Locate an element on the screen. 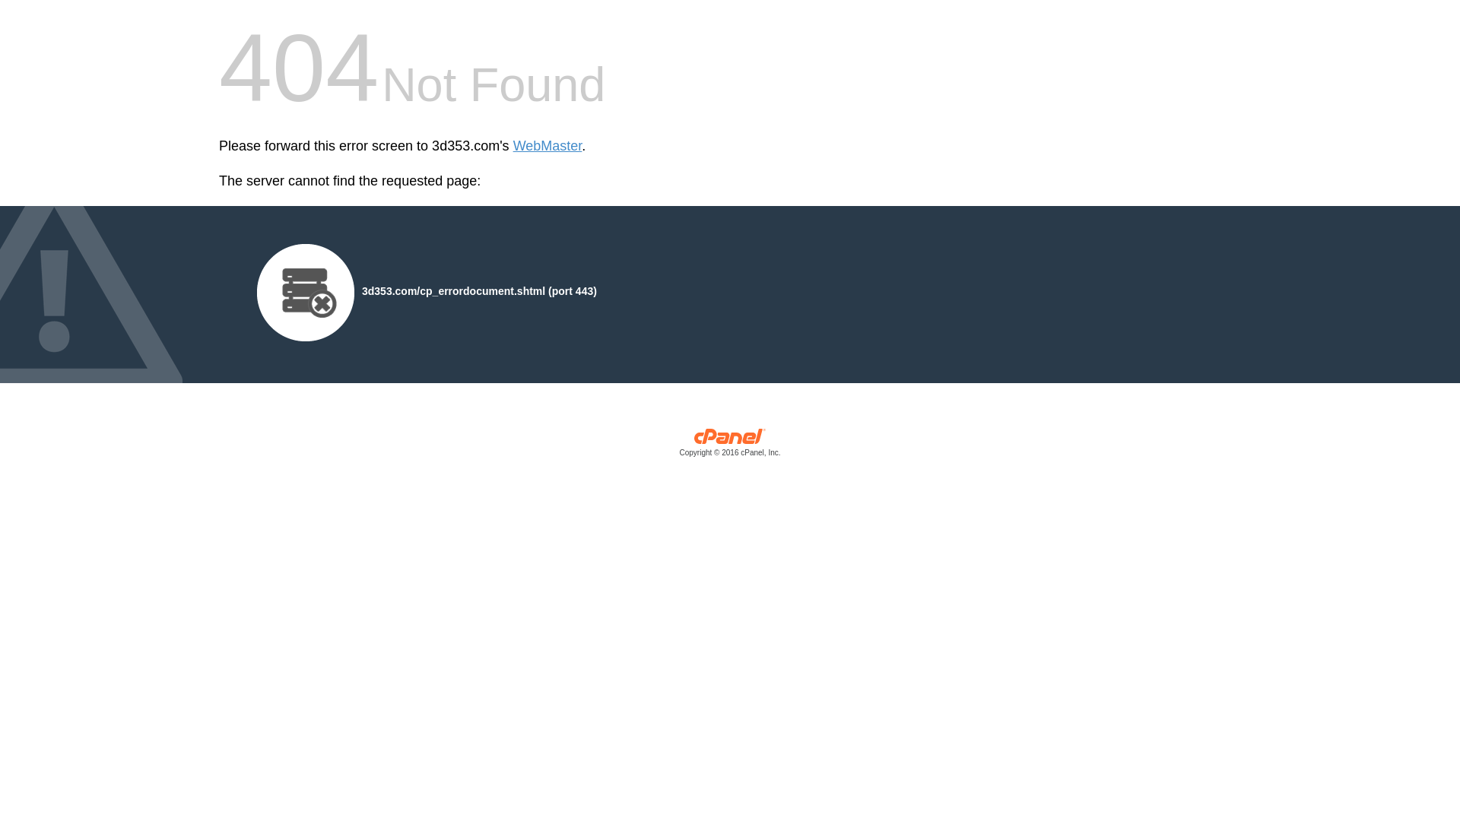  'WebMaster' is located at coordinates (547, 146).